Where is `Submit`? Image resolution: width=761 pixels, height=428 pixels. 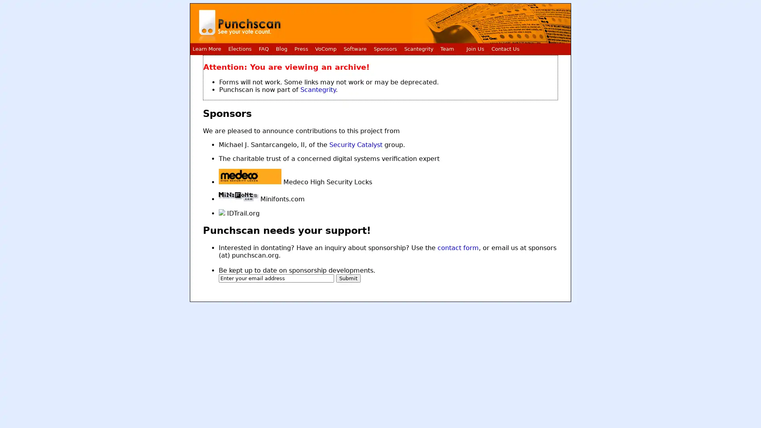 Submit is located at coordinates (348, 277).